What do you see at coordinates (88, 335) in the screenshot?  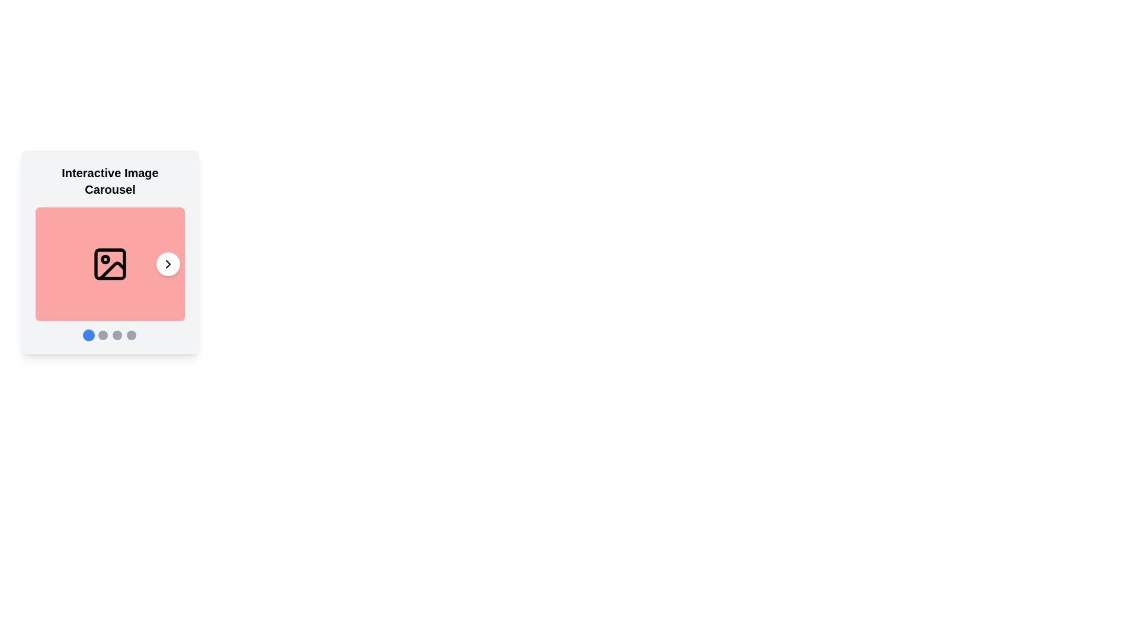 I see `the small blue circle indicator at the bottom of the carousel` at bounding box center [88, 335].